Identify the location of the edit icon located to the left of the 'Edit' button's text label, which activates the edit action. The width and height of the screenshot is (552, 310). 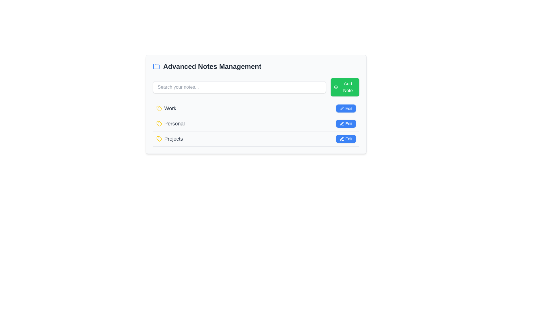
(342, 108).